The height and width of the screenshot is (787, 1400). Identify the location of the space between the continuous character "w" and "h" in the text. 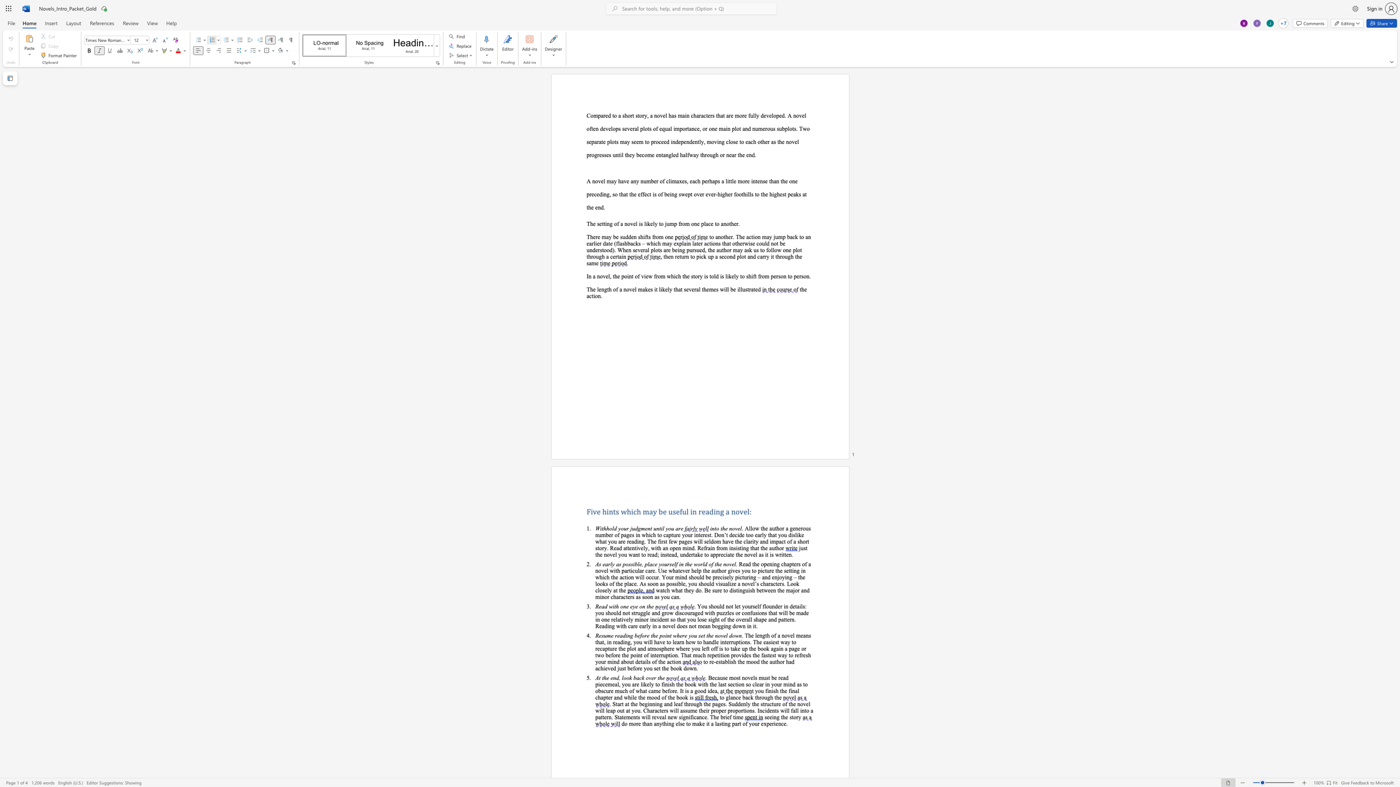
(676, 635).